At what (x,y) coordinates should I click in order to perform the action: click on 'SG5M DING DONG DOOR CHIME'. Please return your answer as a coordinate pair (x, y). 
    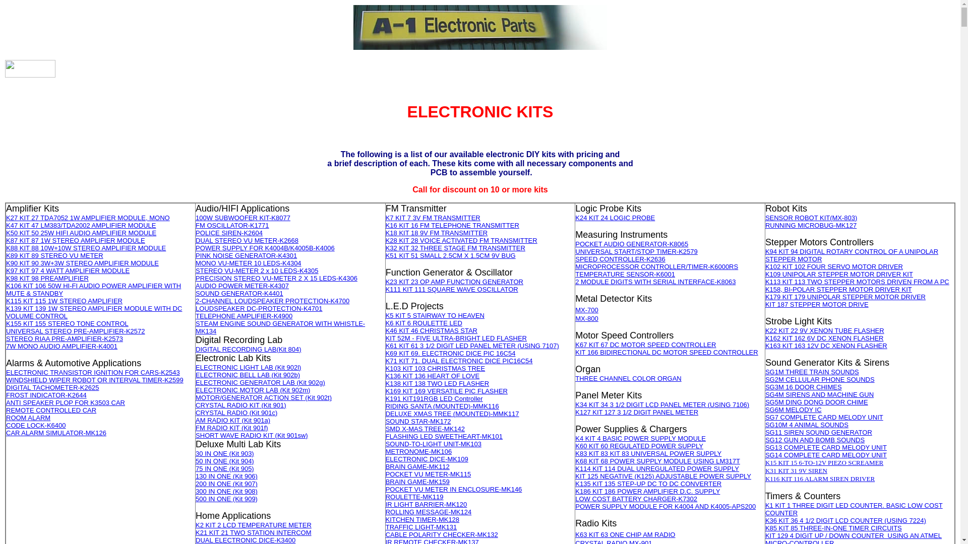
    Looking at the image, I should click on (765, 401).